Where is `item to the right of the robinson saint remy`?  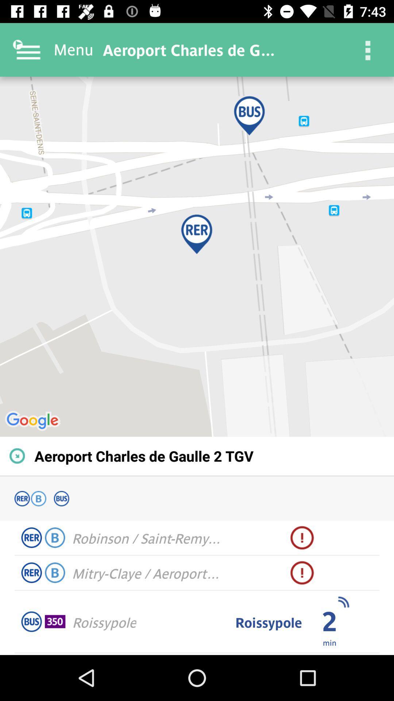
item to the right of the robinson saint remy is located at coordinates (302, 538).